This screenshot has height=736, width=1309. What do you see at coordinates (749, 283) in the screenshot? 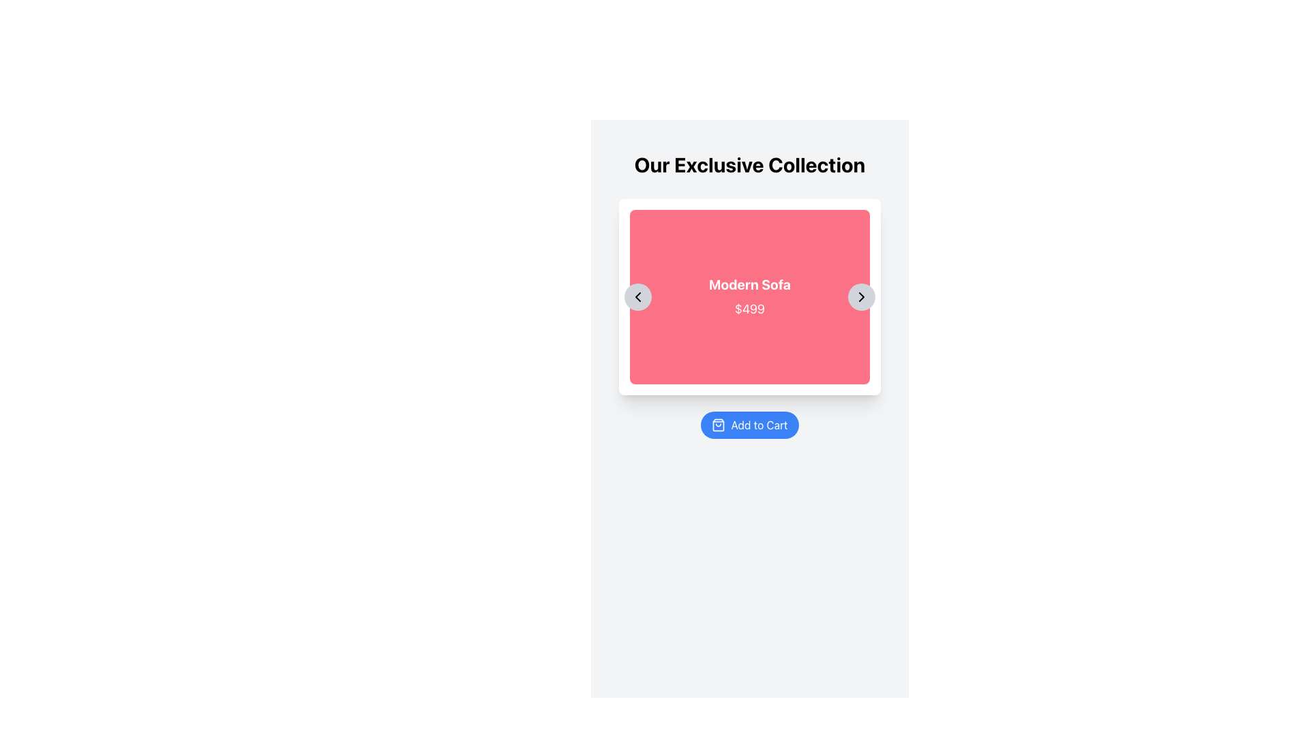
I see `the Text Label that displays the product name, which is centrally aligned within the pink background of the product card and positioned above the price text "$499"` at bounding box center [749, 283].